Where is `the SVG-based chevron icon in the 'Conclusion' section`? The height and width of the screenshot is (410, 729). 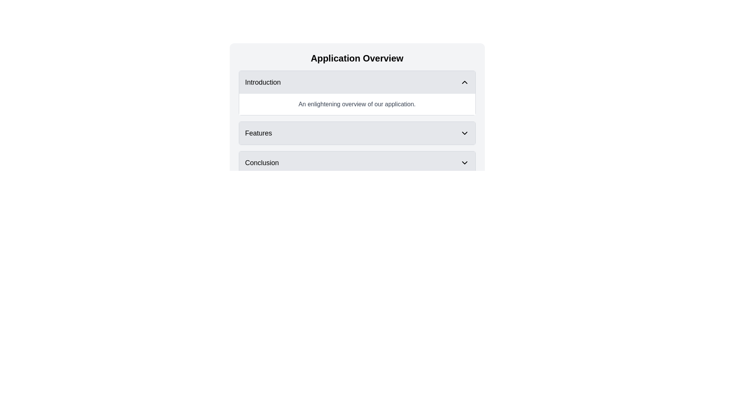 the SVG-based chevron icon in the 'Conclusion' section is located at coordinates (464, 162).